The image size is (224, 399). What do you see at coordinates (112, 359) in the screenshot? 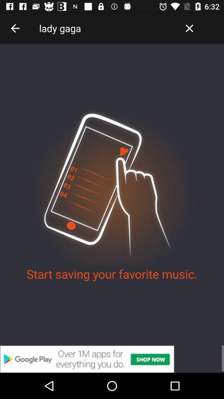
I see `banner` at bounding box center [112, 359].